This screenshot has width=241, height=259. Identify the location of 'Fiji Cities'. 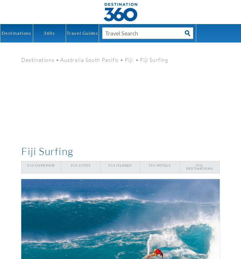
(80, 165).